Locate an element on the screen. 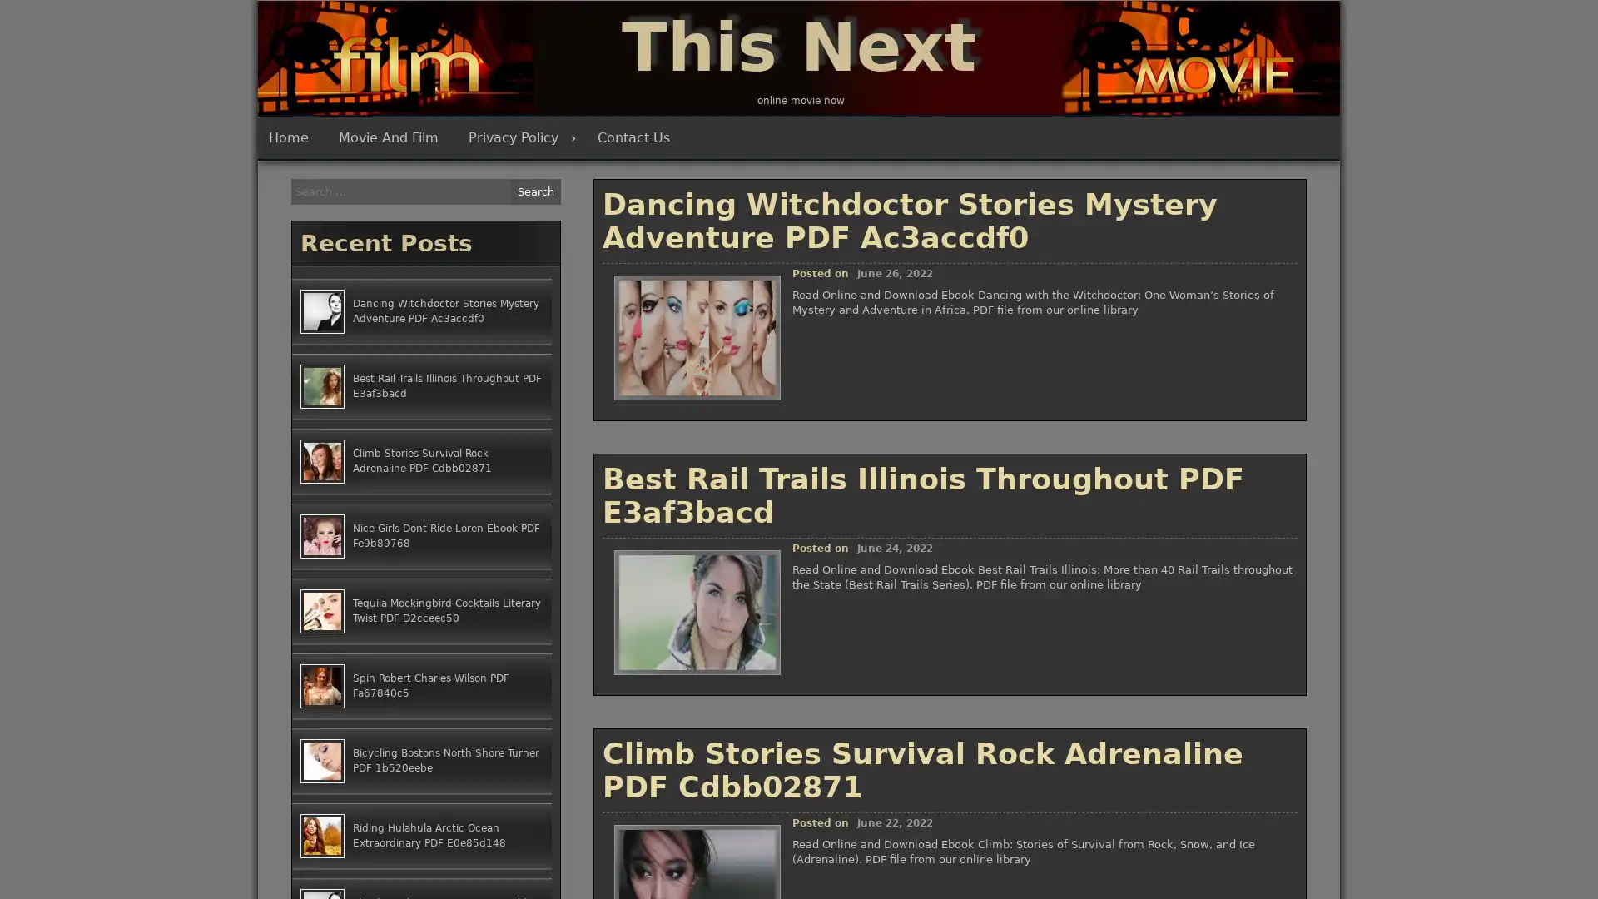  Search is located at coordinates (535, 191).